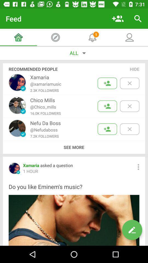  Describe the element at coordinates (132, 230) in the screenshot. I see `edit option` at that location.